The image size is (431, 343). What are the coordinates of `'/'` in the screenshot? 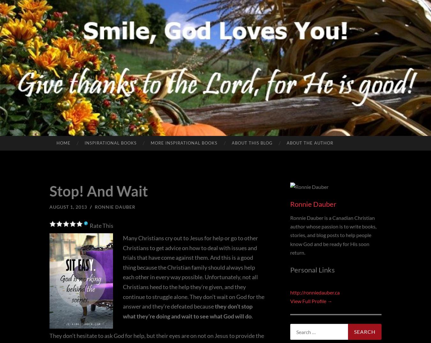 It's located at (90, 207).